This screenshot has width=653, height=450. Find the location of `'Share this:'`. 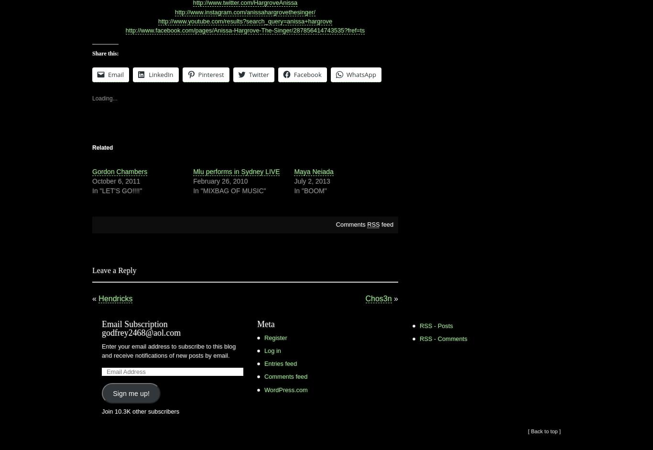

'Share this:' is located at coordinates (92, 53).